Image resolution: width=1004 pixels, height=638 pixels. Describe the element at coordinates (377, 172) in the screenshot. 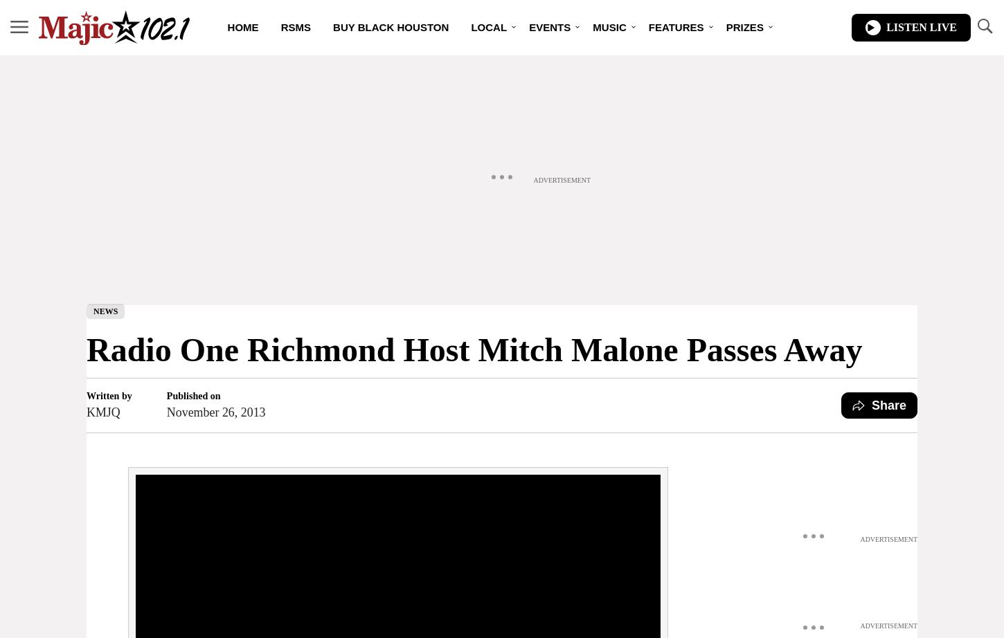

I see `'Join Our Text Club!'` at that location.